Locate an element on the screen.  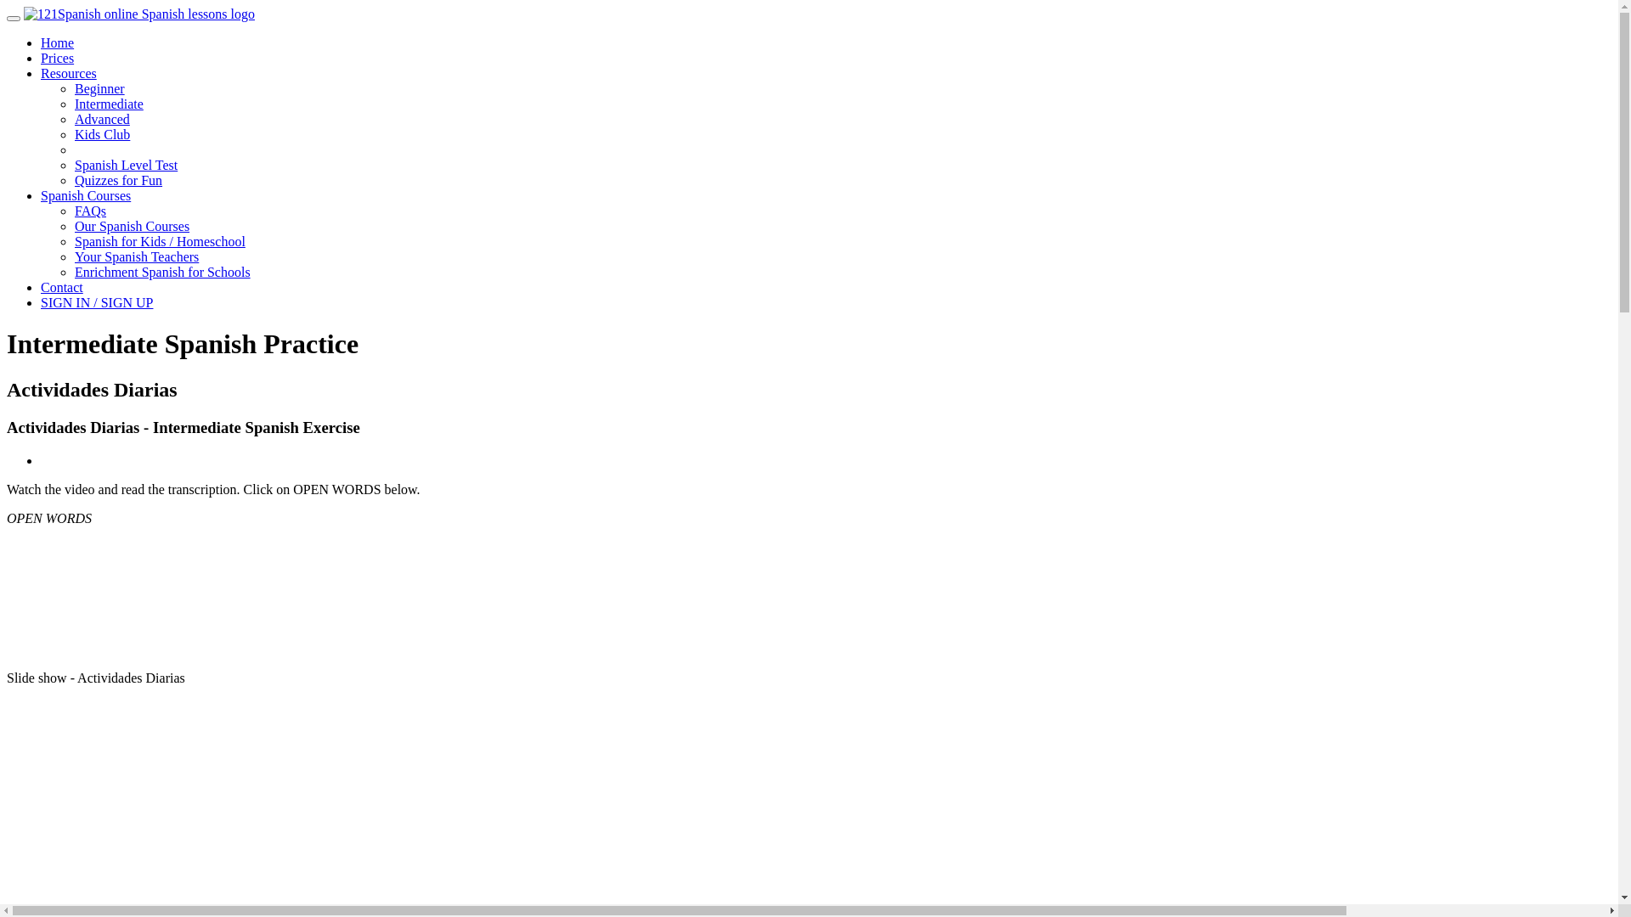
'Intermediate' is located at coordinates (108, 104).